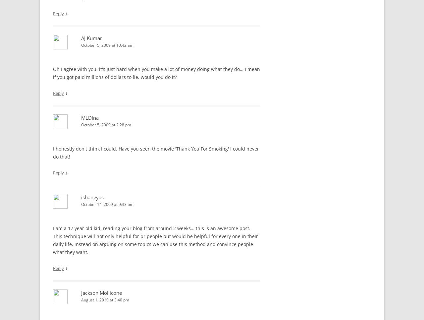 The width and height of the screenshot is (424, 320). I want to click on 'I honestly don't think I could. Have you seen the movie 'Thank You For Smoking' I could never do that!', so click(156, 152).